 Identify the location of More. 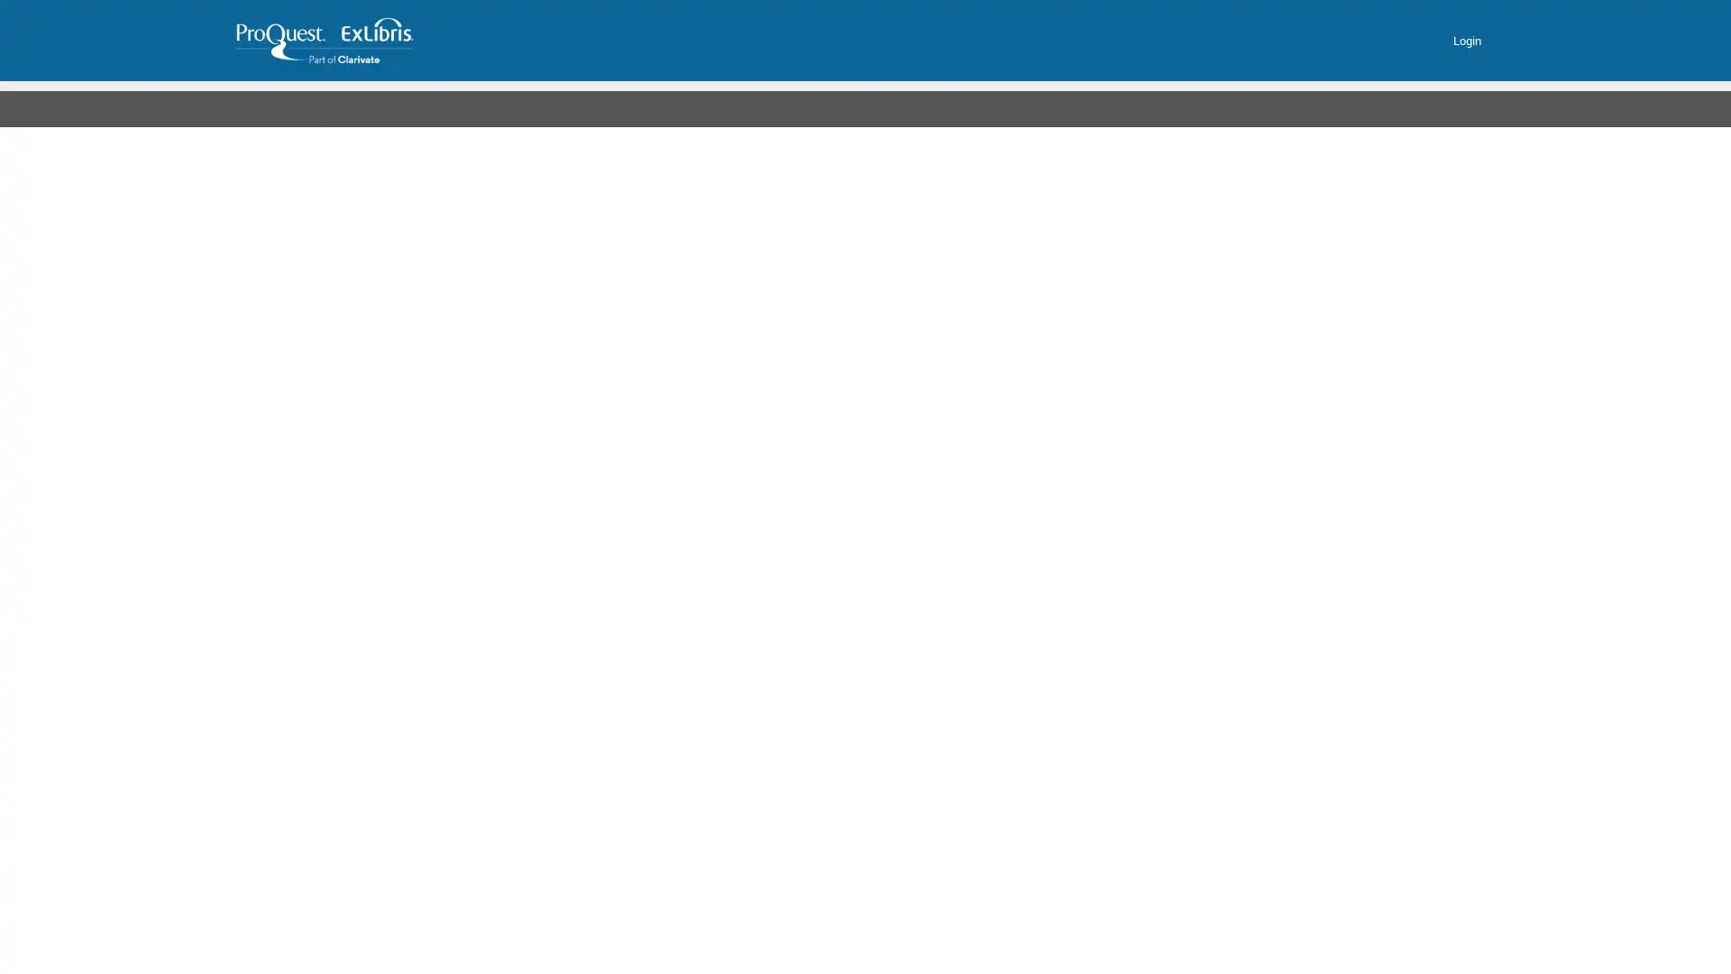
(765, 103).